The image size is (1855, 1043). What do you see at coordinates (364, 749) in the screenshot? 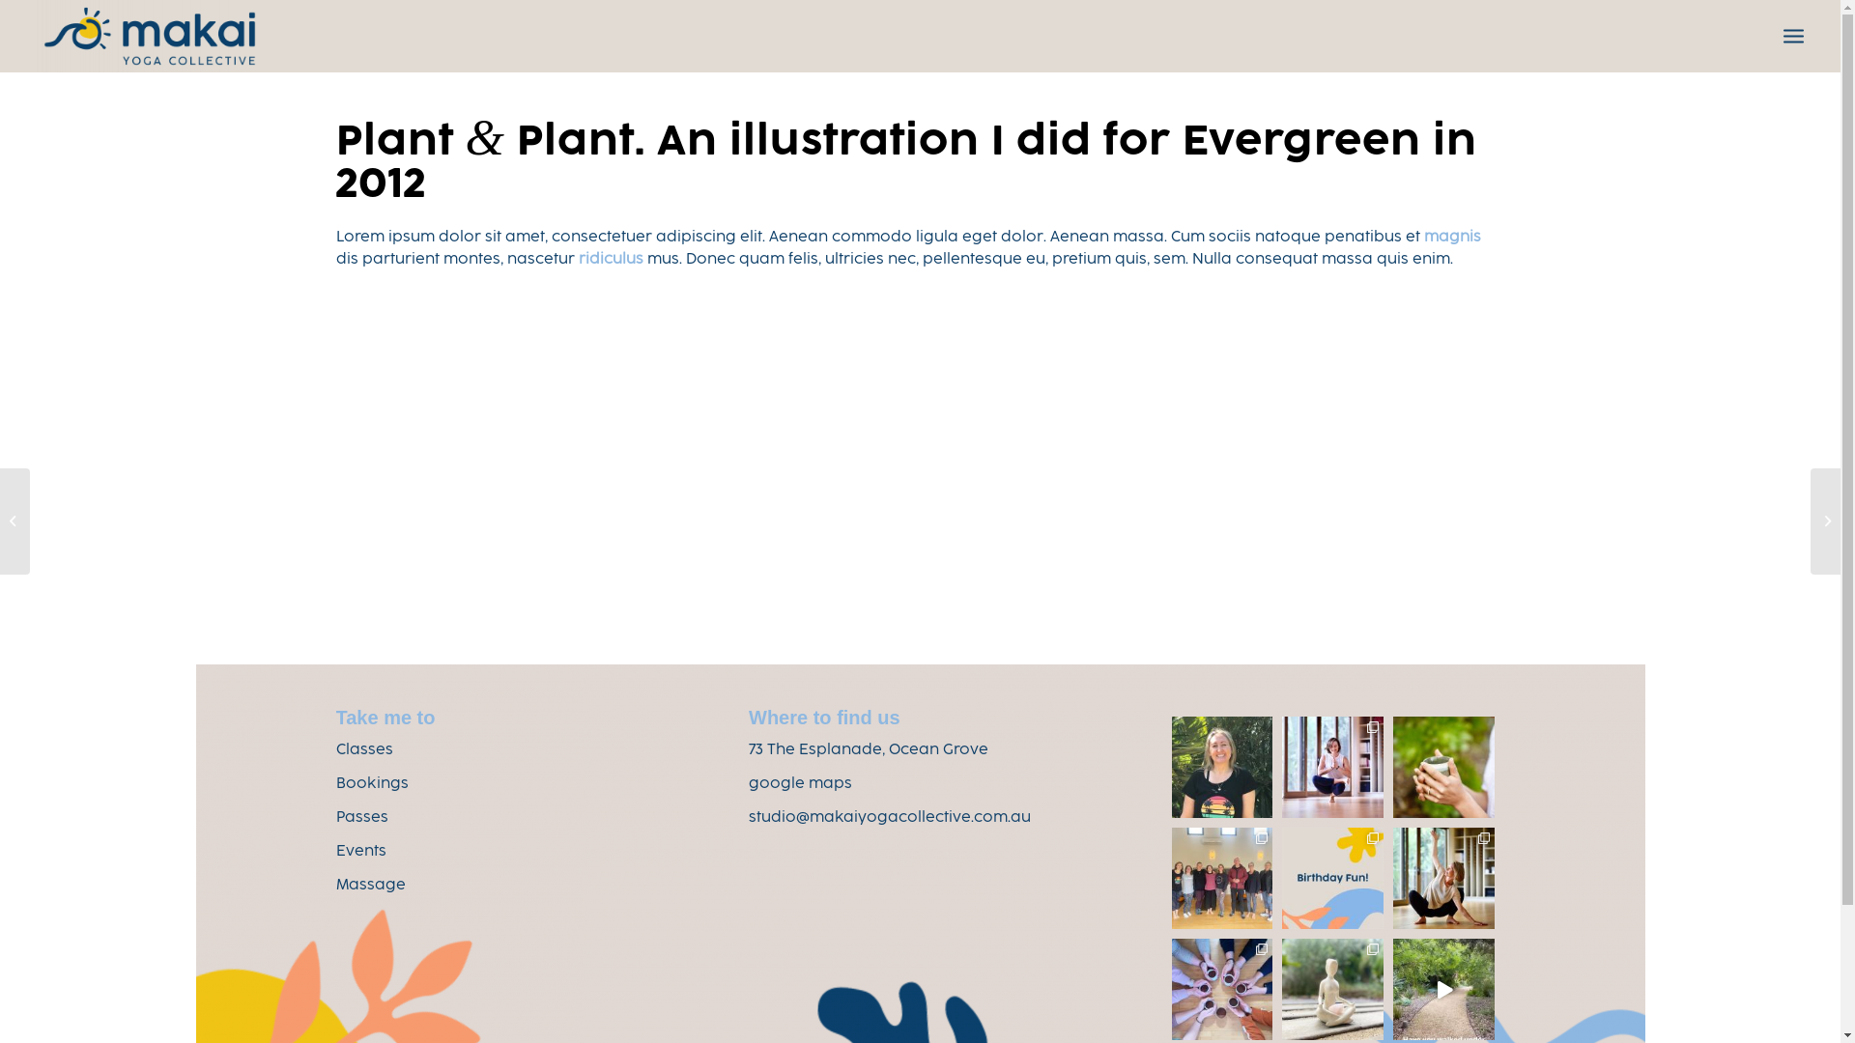
I see `'Classes'` at bounding box center [364, 749].